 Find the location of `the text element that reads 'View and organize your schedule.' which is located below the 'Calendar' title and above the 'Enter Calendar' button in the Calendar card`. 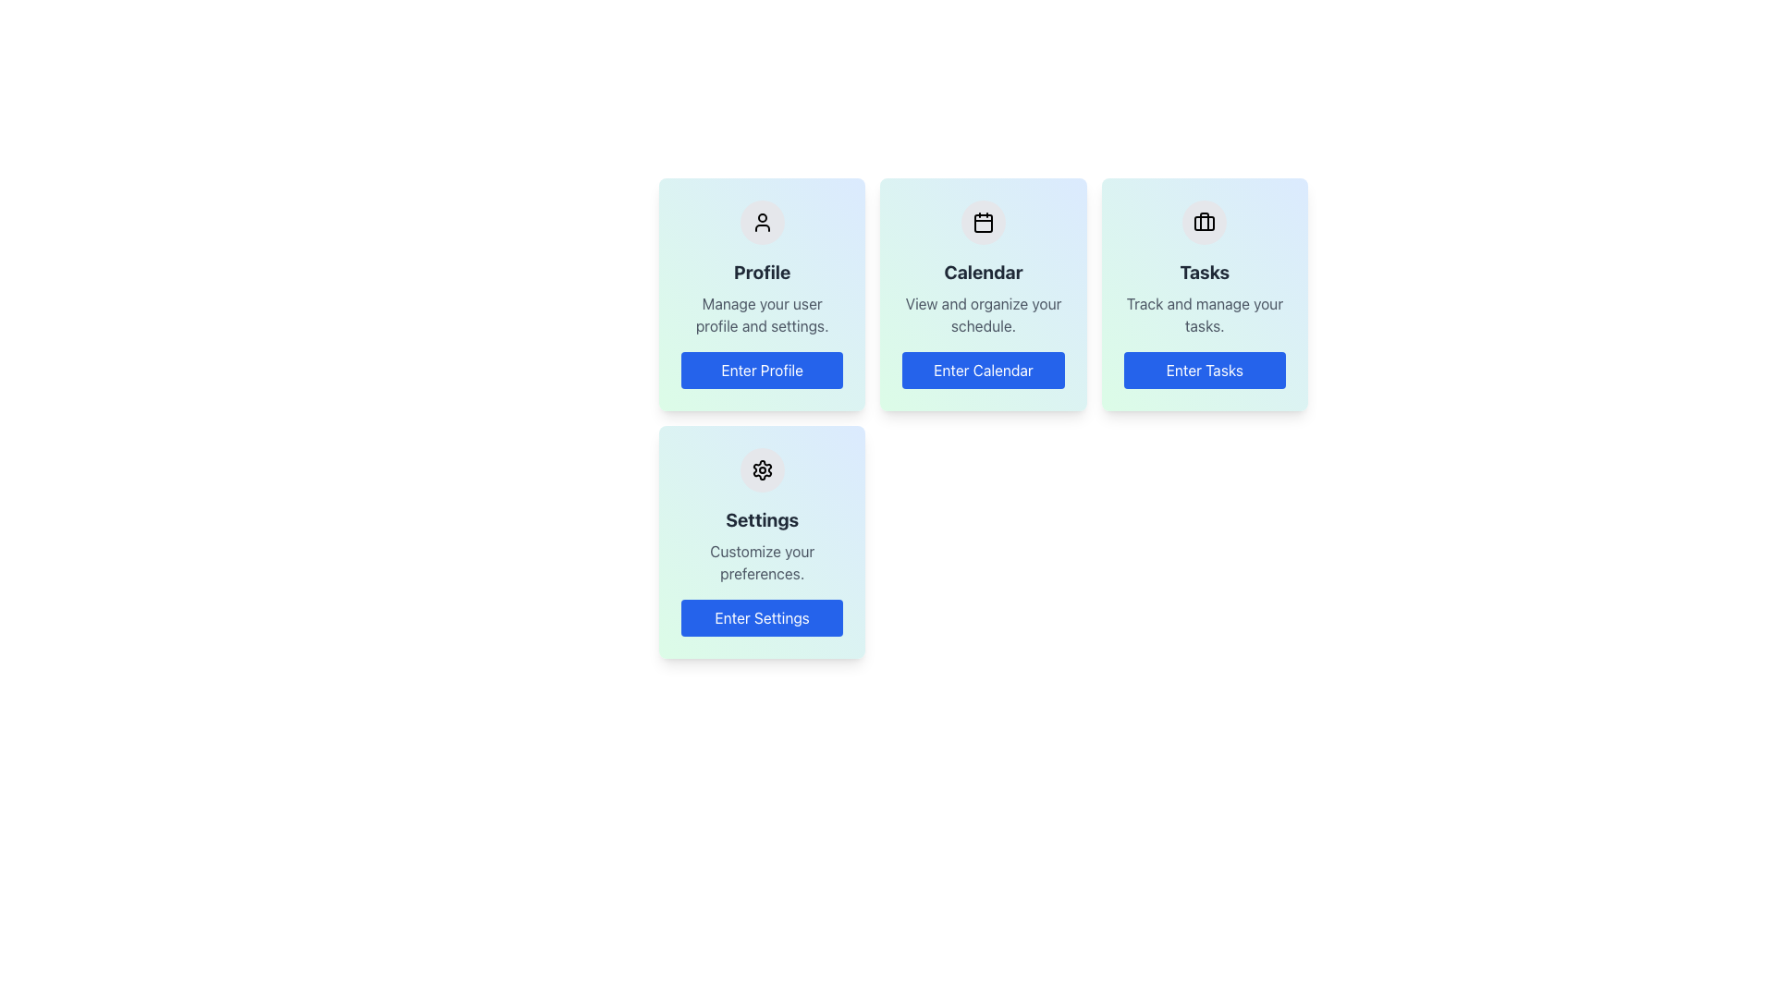

the text element that reads 'View and organize your schedule.' which is located below the 'Calendar' title and above the 'Enter Calendar' button in the Calendar card is located at coordinates (983, 313).